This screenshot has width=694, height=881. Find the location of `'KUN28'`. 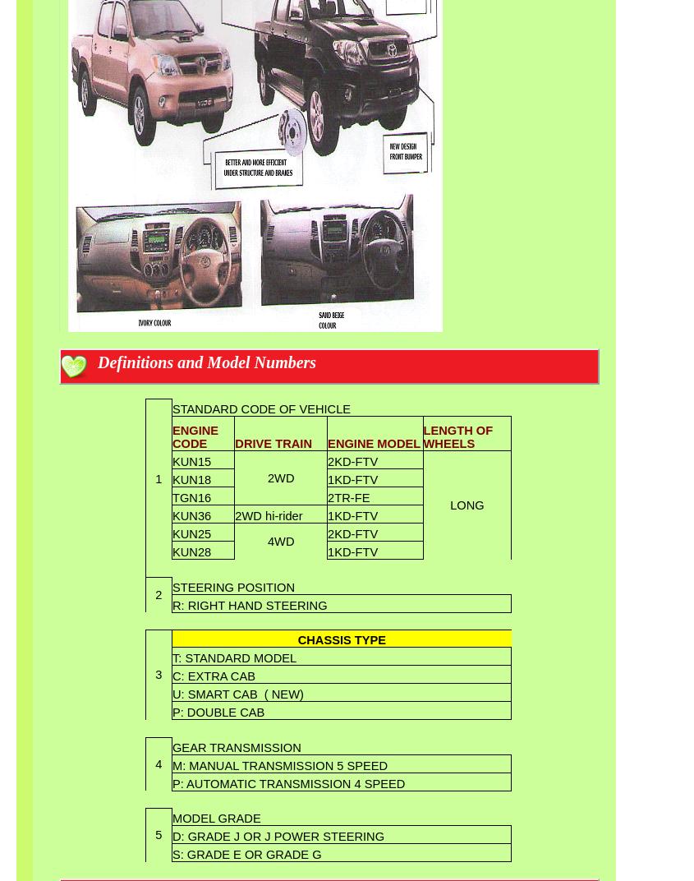

'KUN28' is located at coordinates (190, 551).